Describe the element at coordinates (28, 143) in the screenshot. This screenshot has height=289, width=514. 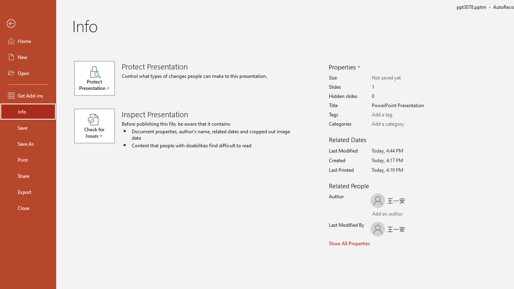
I see `'Save As'` at that location.